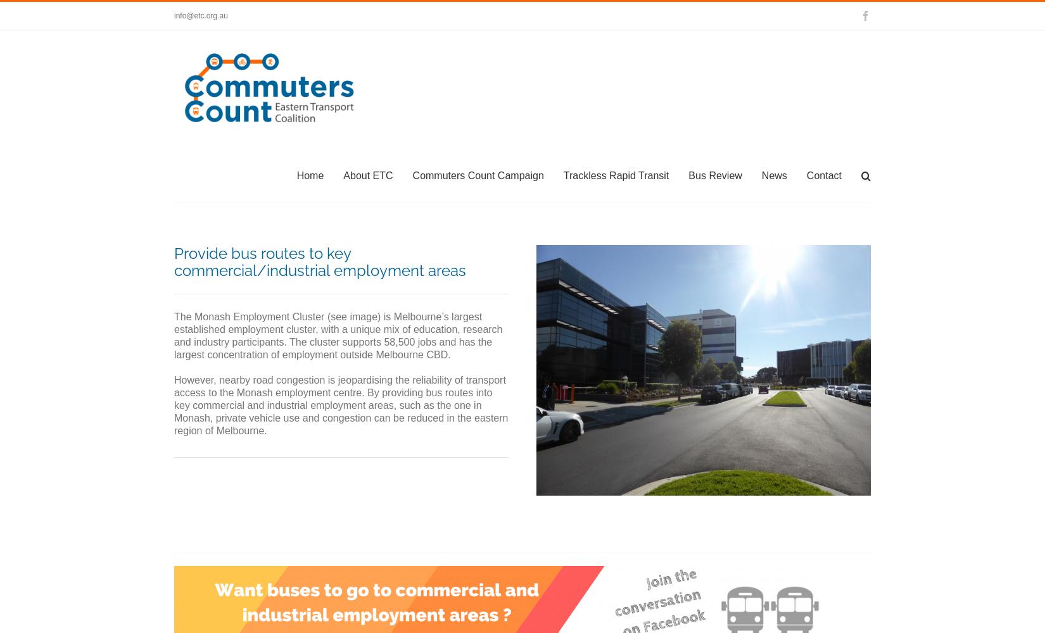 This screenshot has height=633, width=1045. What do you see at coordinates (337, 335) in the screenshot?
I see `'The Monash Employment Cluster (see image) is Melbourne’s largest established employment cluster, with a unique mix of education, research and industry participants. The cluster supports 58,500 jobs and has the largest concentration of employment outside Melbourne CBD.'` at bounding box center [337, 335].